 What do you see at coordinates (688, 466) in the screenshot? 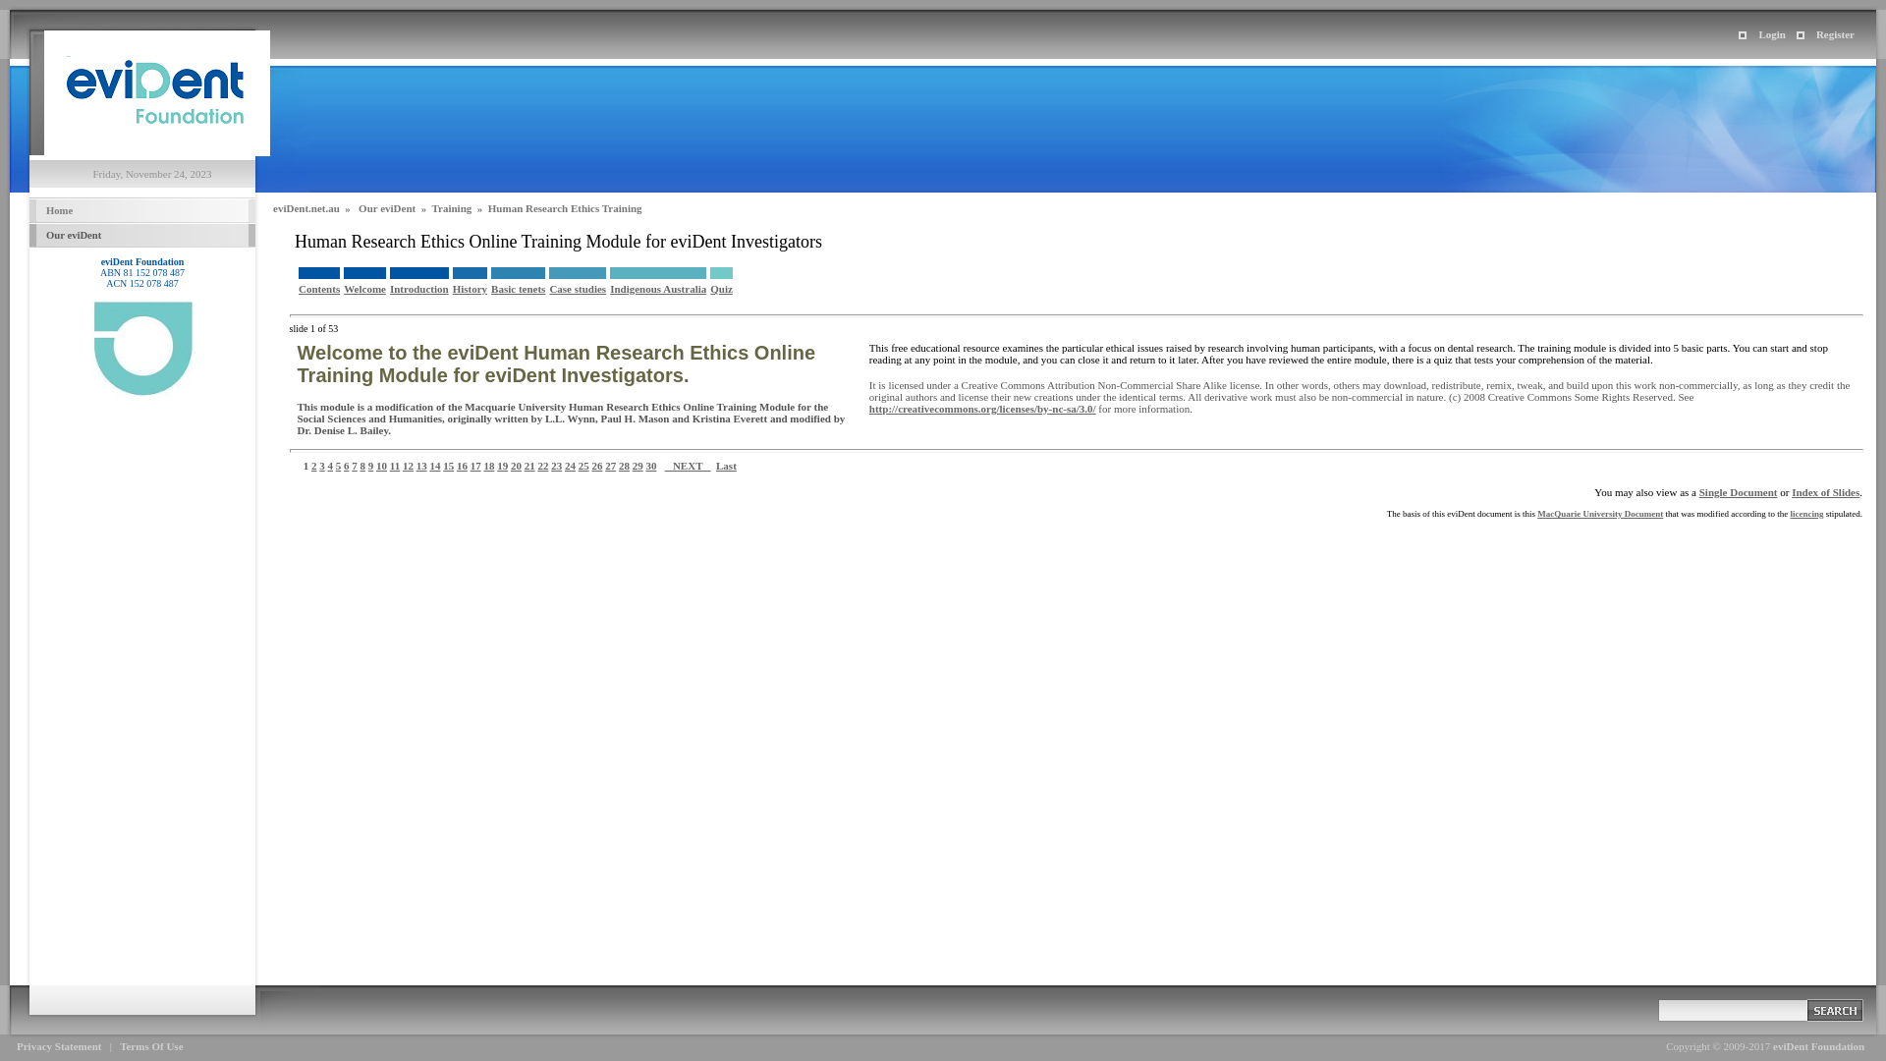
I see `'   NEXT   '` at bounding box center [688, 466].